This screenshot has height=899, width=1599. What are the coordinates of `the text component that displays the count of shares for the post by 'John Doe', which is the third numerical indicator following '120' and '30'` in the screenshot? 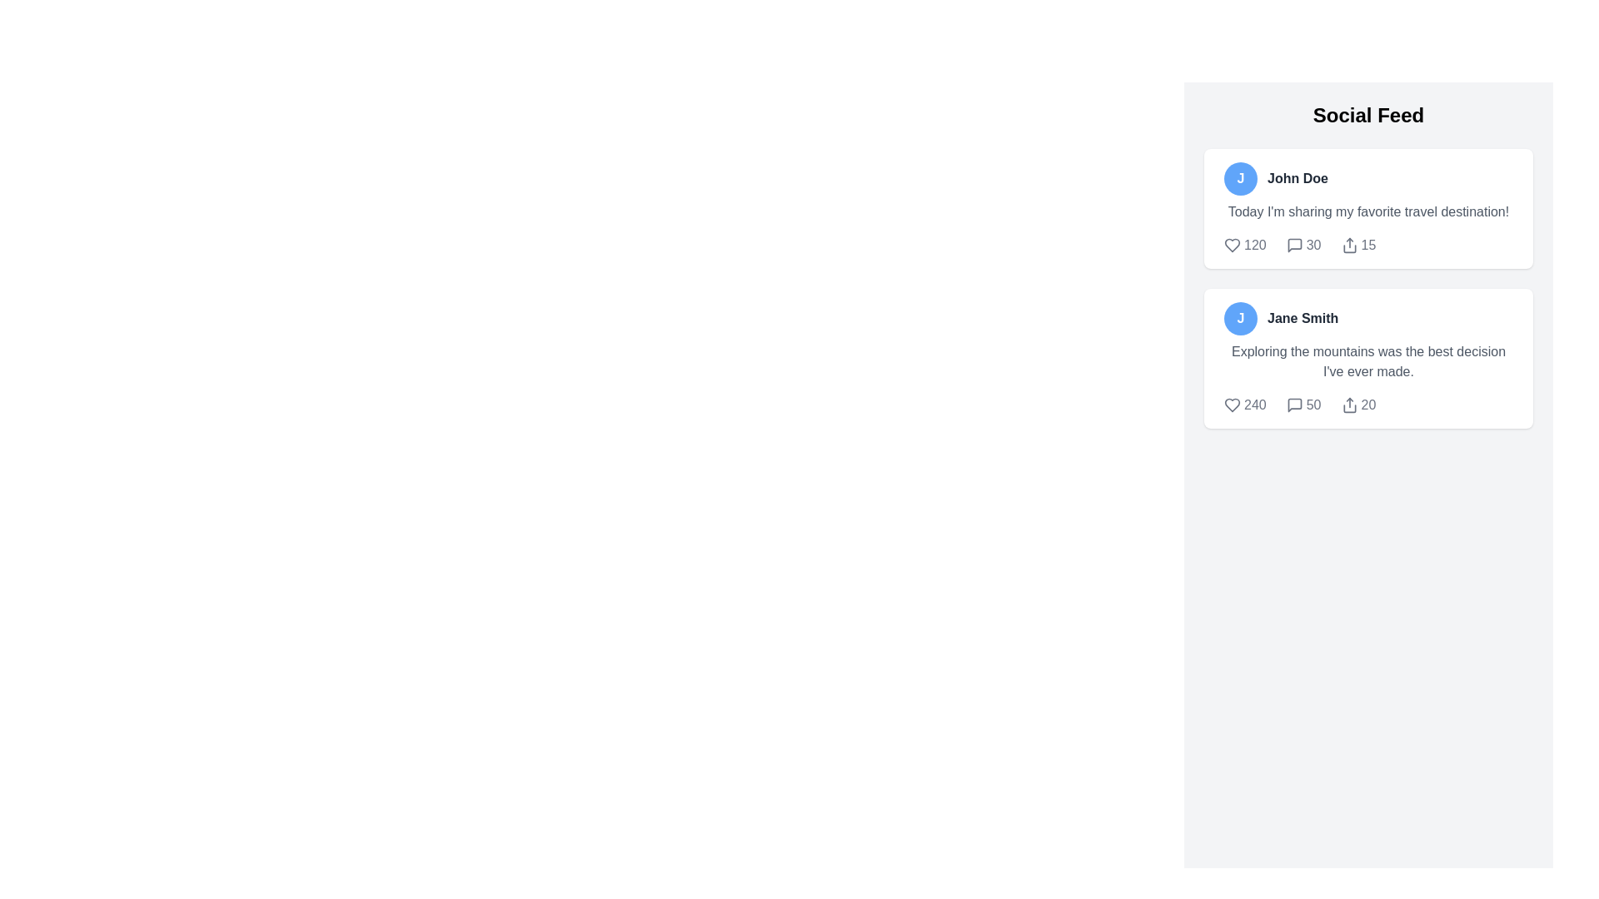 It's located at (1368, 245).